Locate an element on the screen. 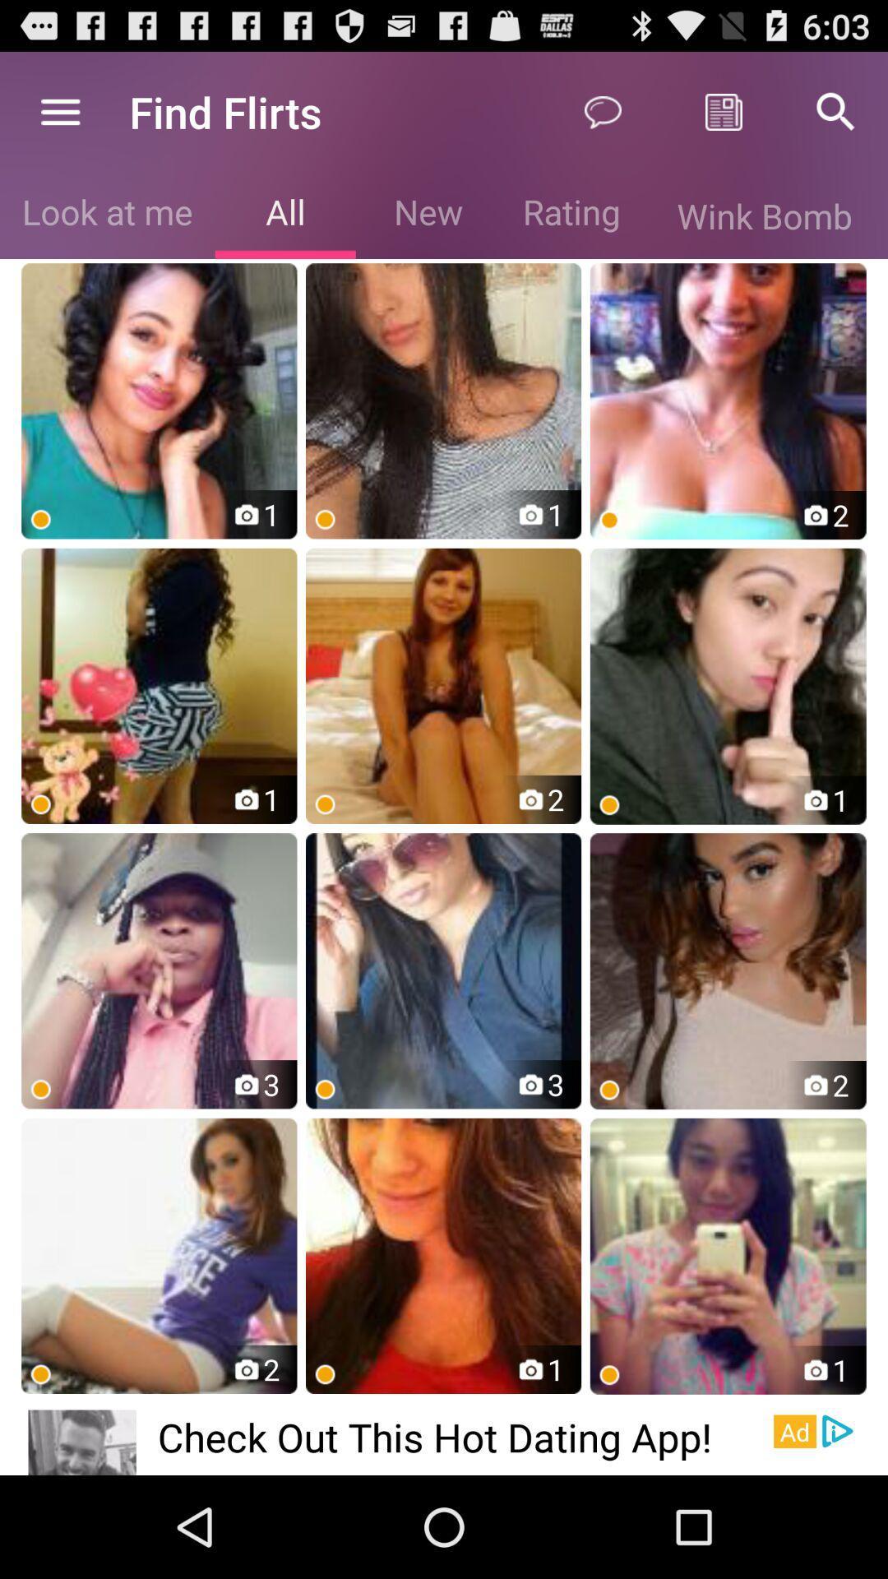  icon above the look at me icon is located at coordinates (59, 111).